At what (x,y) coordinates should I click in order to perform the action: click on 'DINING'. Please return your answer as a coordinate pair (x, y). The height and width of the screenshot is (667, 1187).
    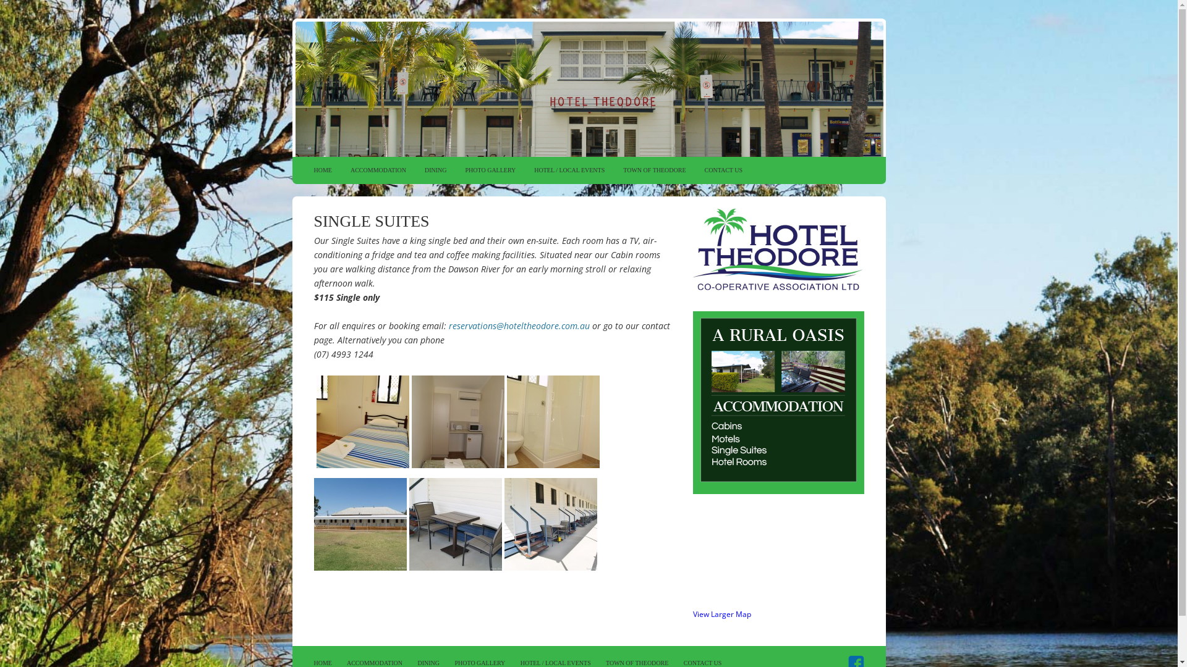
    Looking at the image, I should click on (415, 170).